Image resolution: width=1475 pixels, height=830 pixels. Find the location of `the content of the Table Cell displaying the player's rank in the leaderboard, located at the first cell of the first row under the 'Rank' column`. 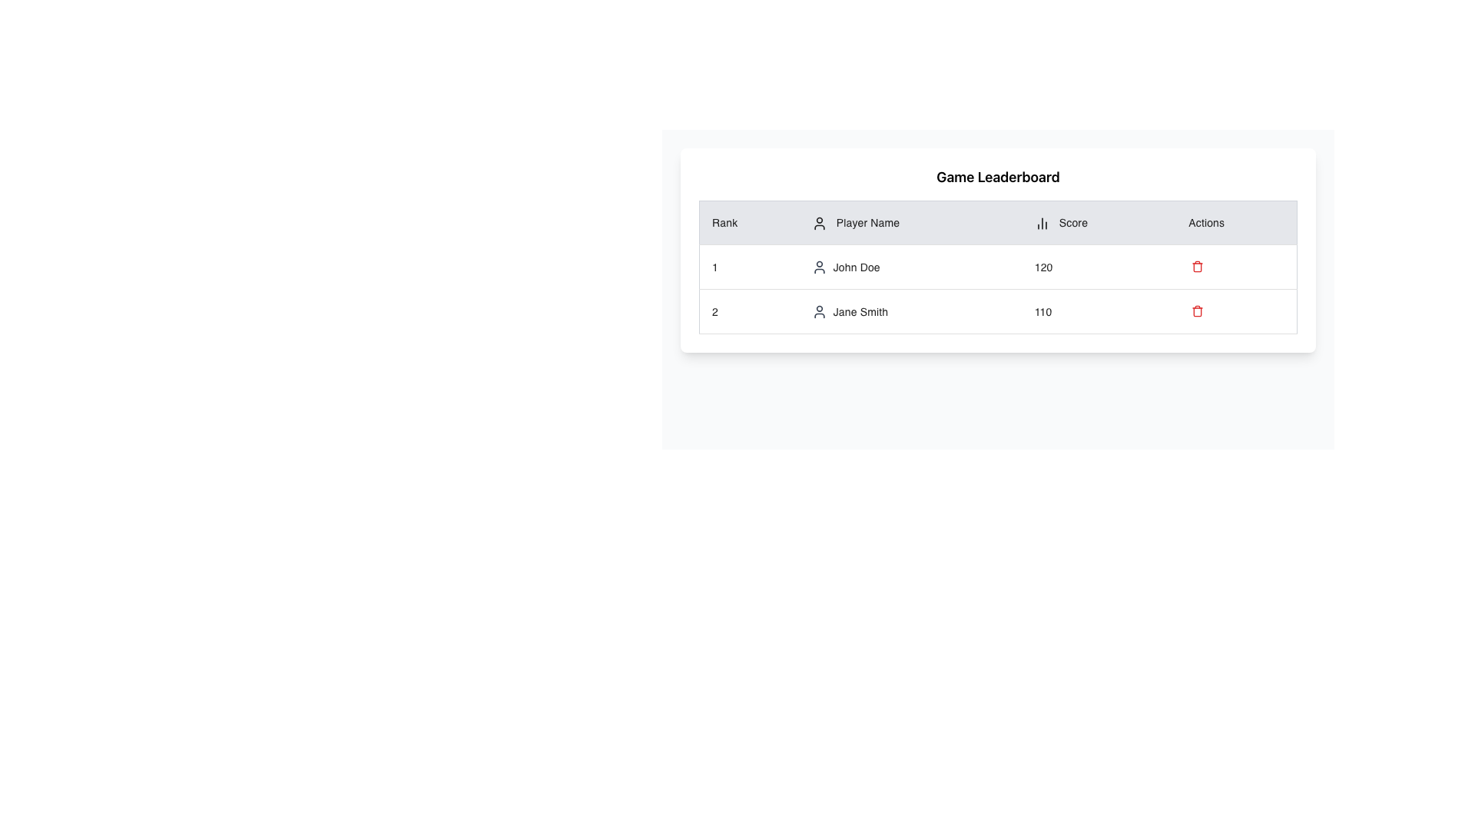

the content of the Table Cell displaying the player's rank in the leaderboard, located at the first cell of the first row under the 'Rank' column is located at coordinates (749, 266).